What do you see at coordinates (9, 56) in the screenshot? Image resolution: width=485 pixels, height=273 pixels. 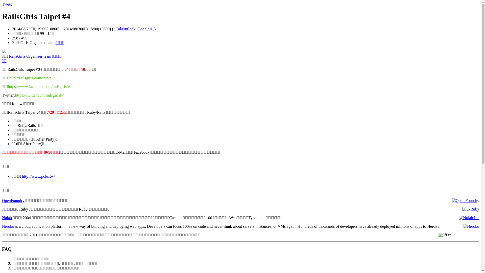 I see `'RailsGirls Organizer team'` at bounding box center [9, 56].